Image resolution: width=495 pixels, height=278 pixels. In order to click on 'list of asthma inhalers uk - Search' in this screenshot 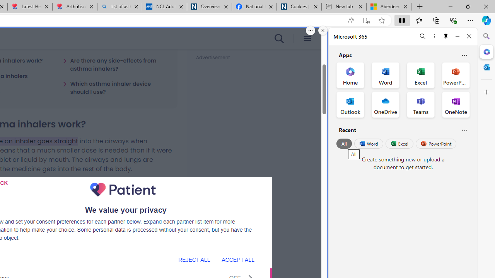, I will do `click(119, 7)`.